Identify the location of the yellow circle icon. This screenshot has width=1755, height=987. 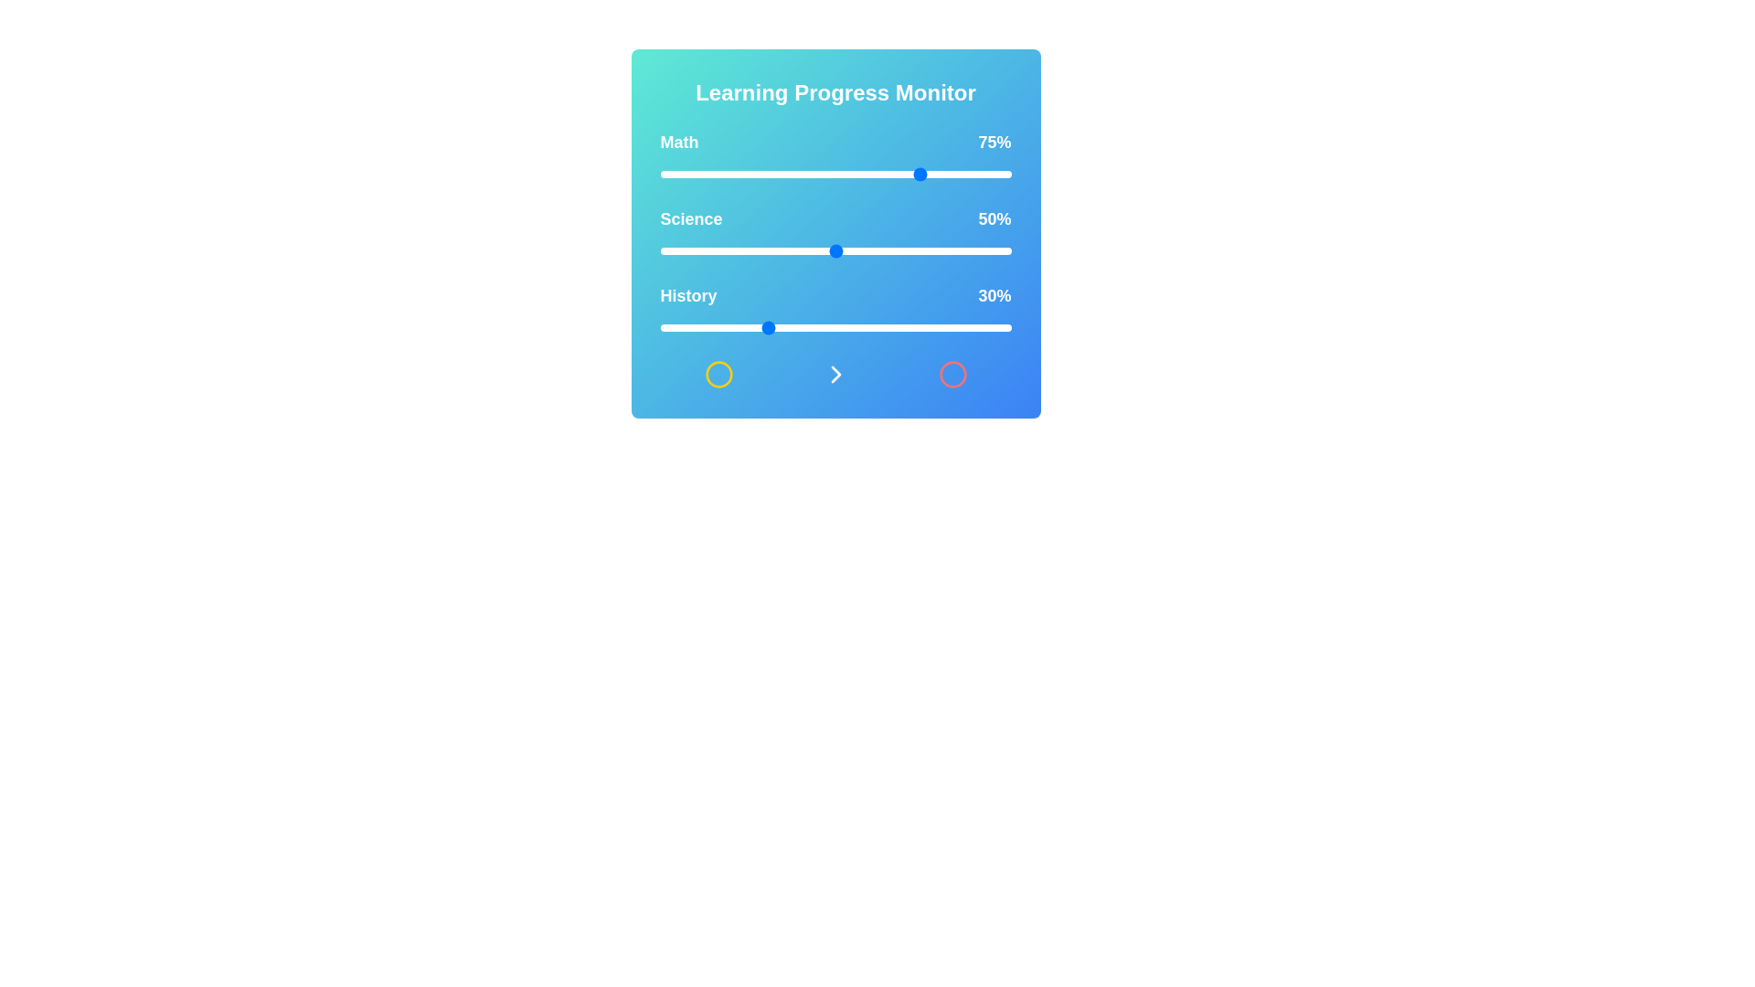
(718, 373).